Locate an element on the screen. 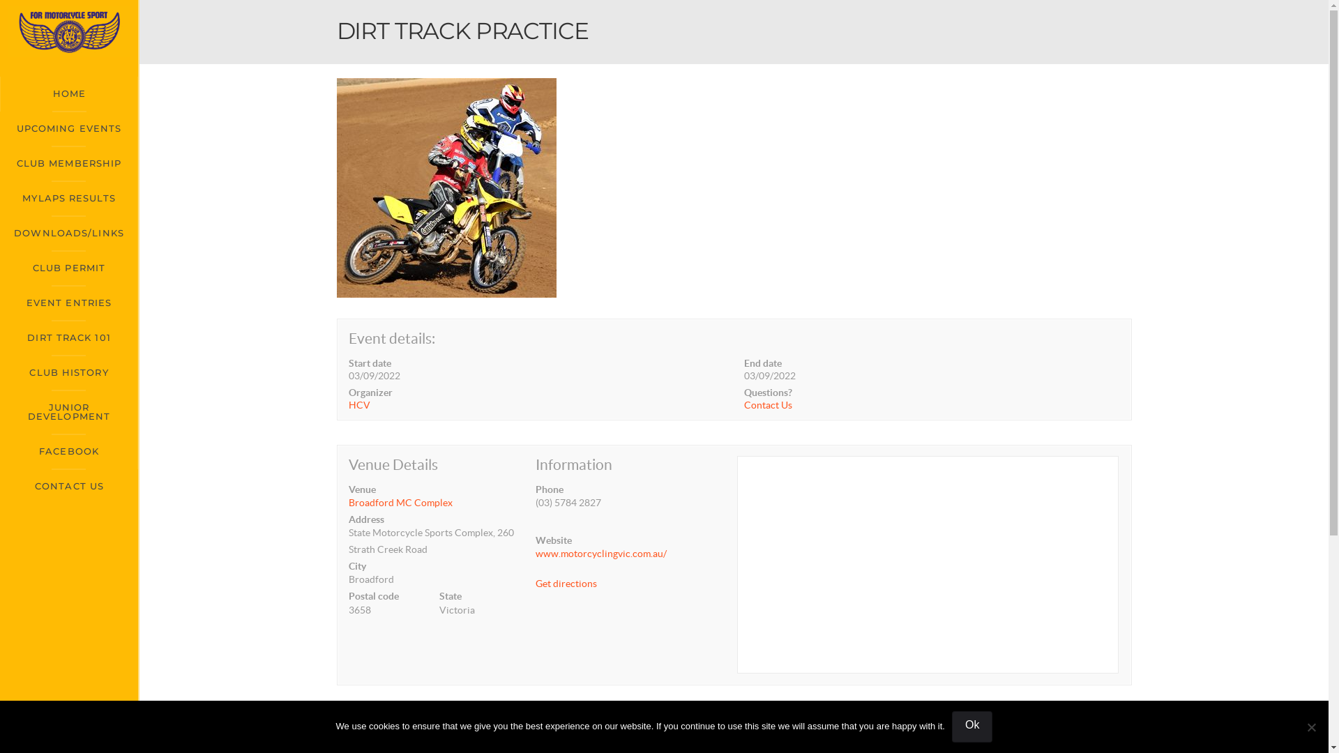 This screenshot has width=1339, height=753. 'Get directions' is located at coordinates (566, 584).